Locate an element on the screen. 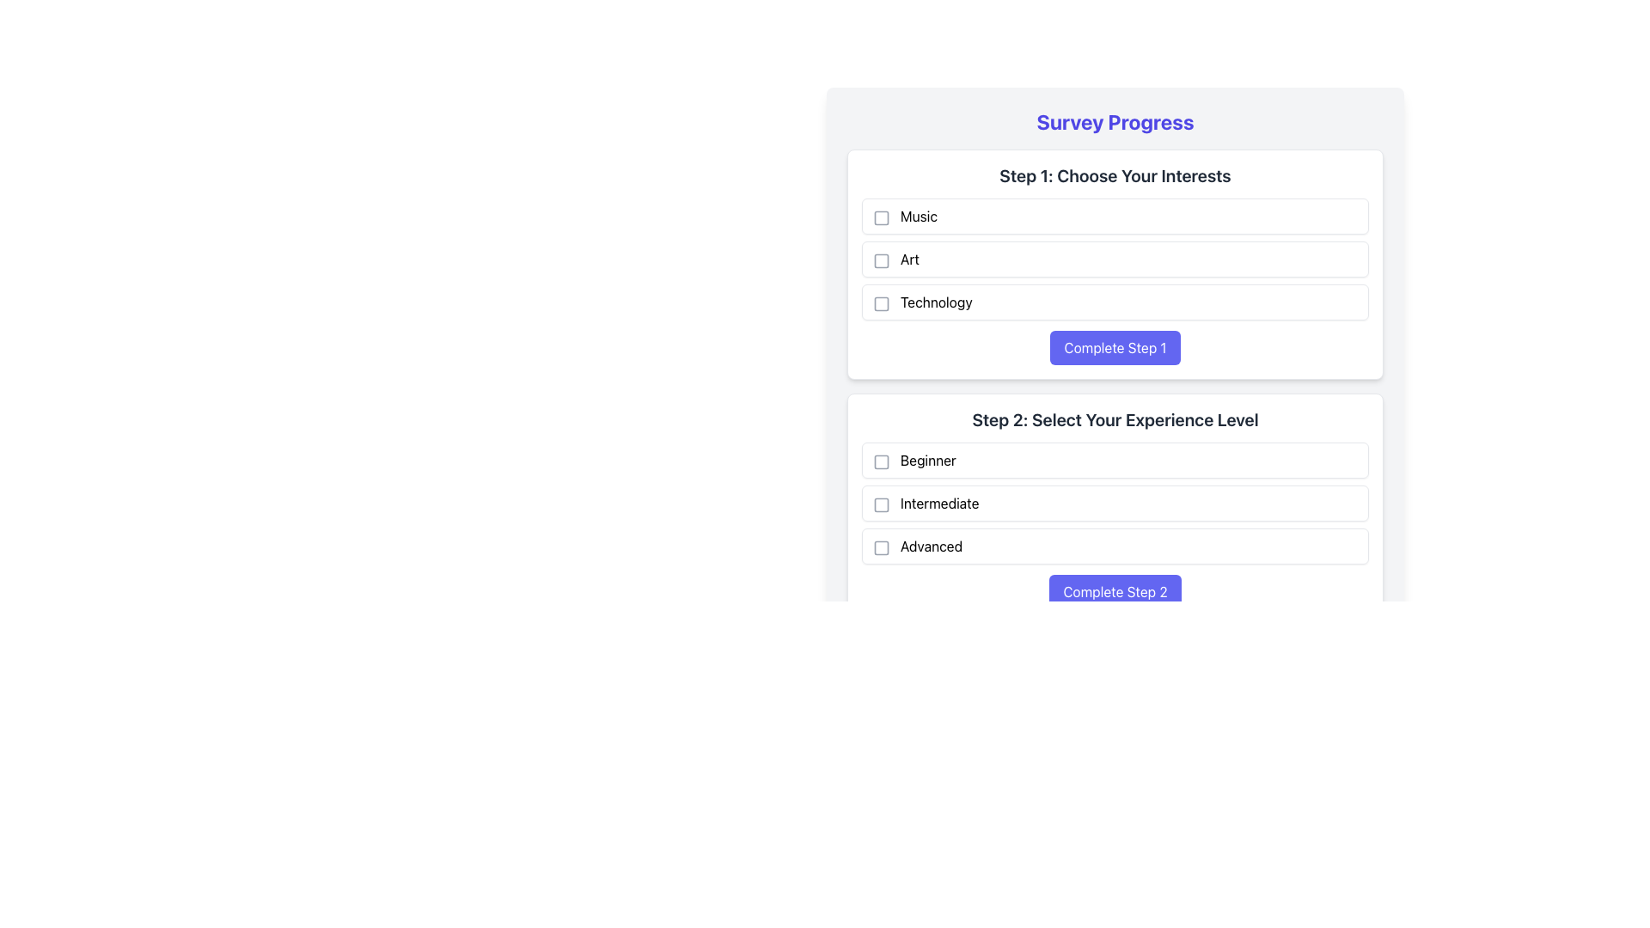  the confirmation button located at the bottom-right of the card titled 'Step 1: Choose Your Interests' to observe its hover effect is located at coordinates (1115, 348).